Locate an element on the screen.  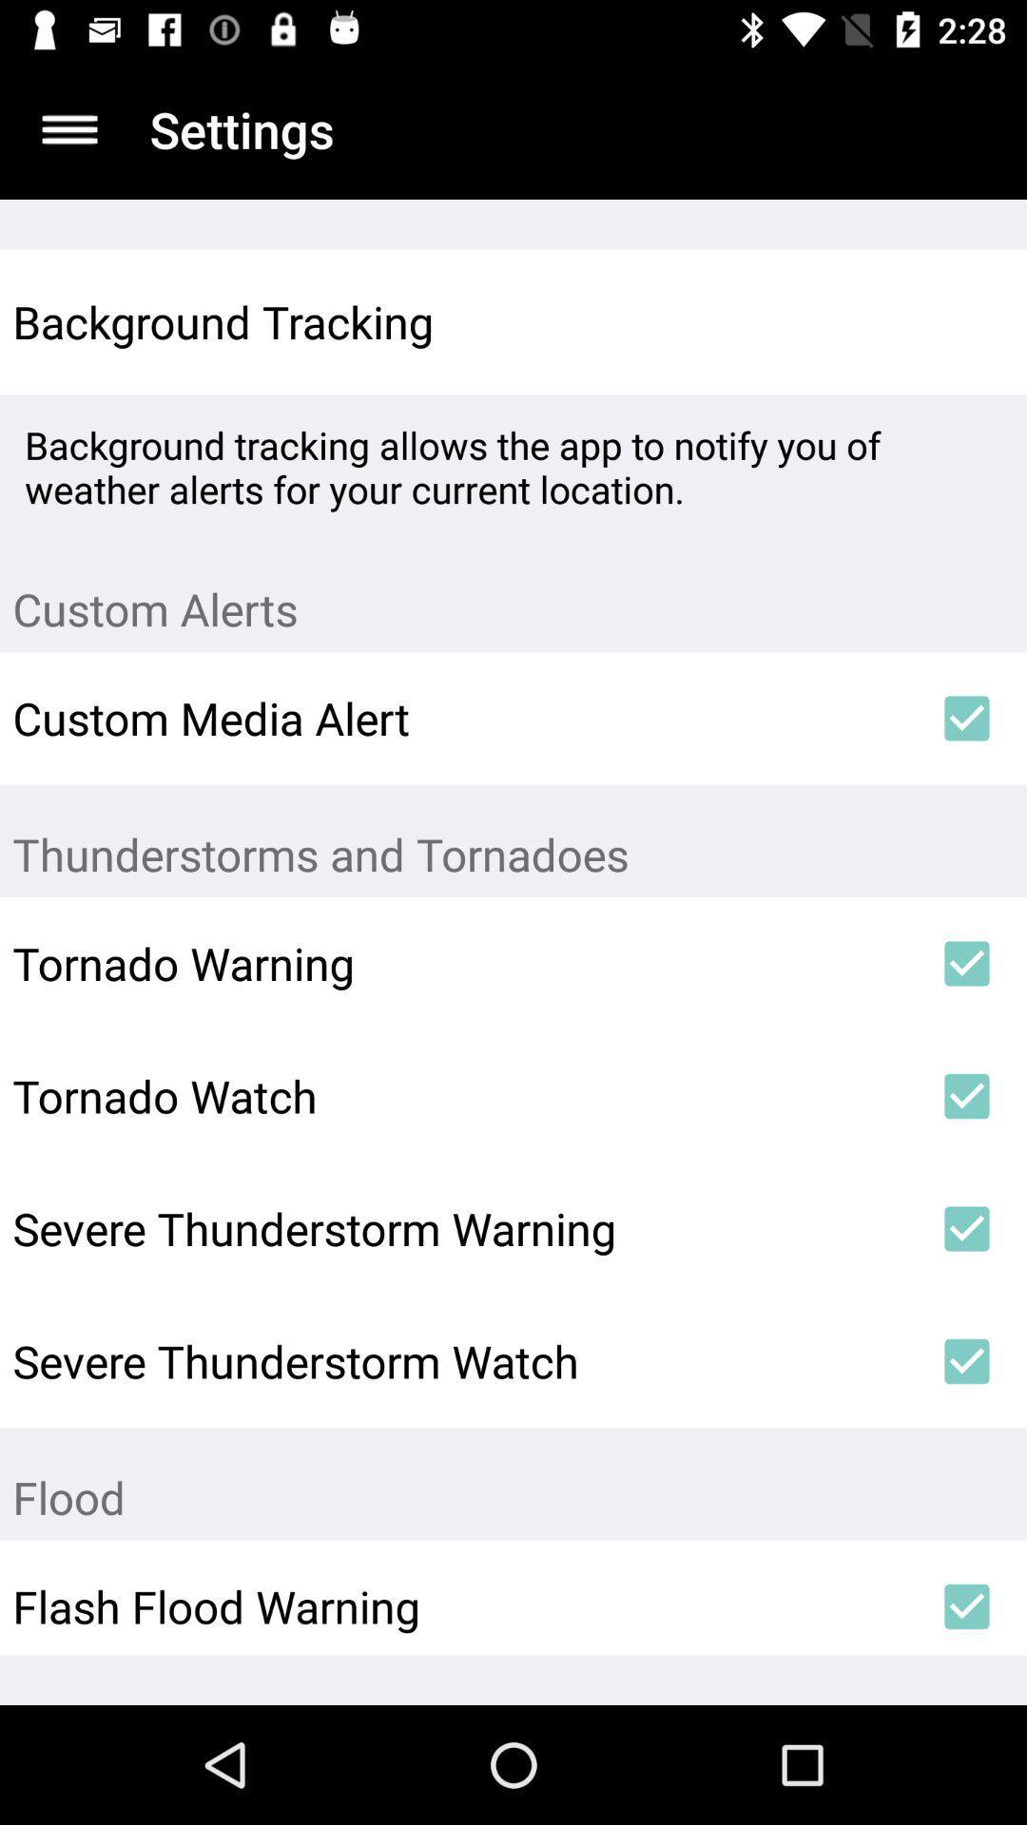
the last check box at bottom right corner of the page is located at coordinates (967, 1605).